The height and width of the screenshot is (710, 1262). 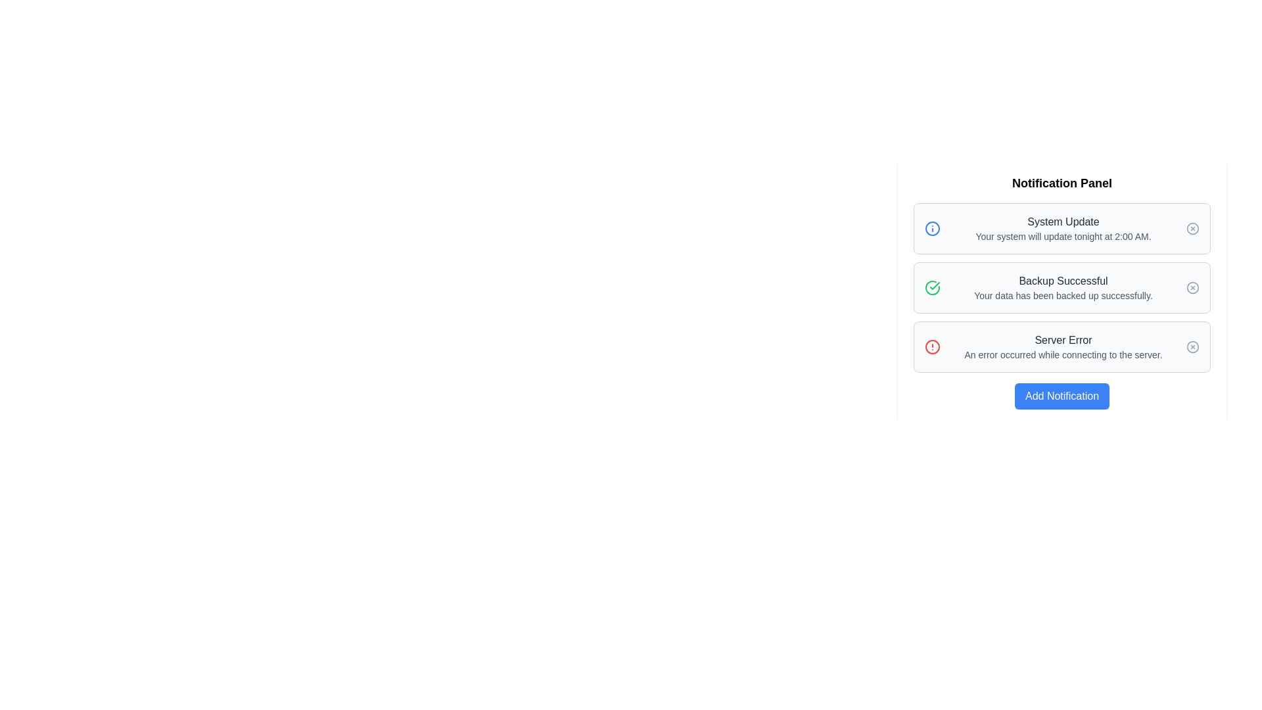 What do you see at coordinates (1063, 339) in the screenshot?
I see `the 'Server Error' text label that indicates a server error to the user, located in the central third of the interface` at bounding box center [1063, 339].